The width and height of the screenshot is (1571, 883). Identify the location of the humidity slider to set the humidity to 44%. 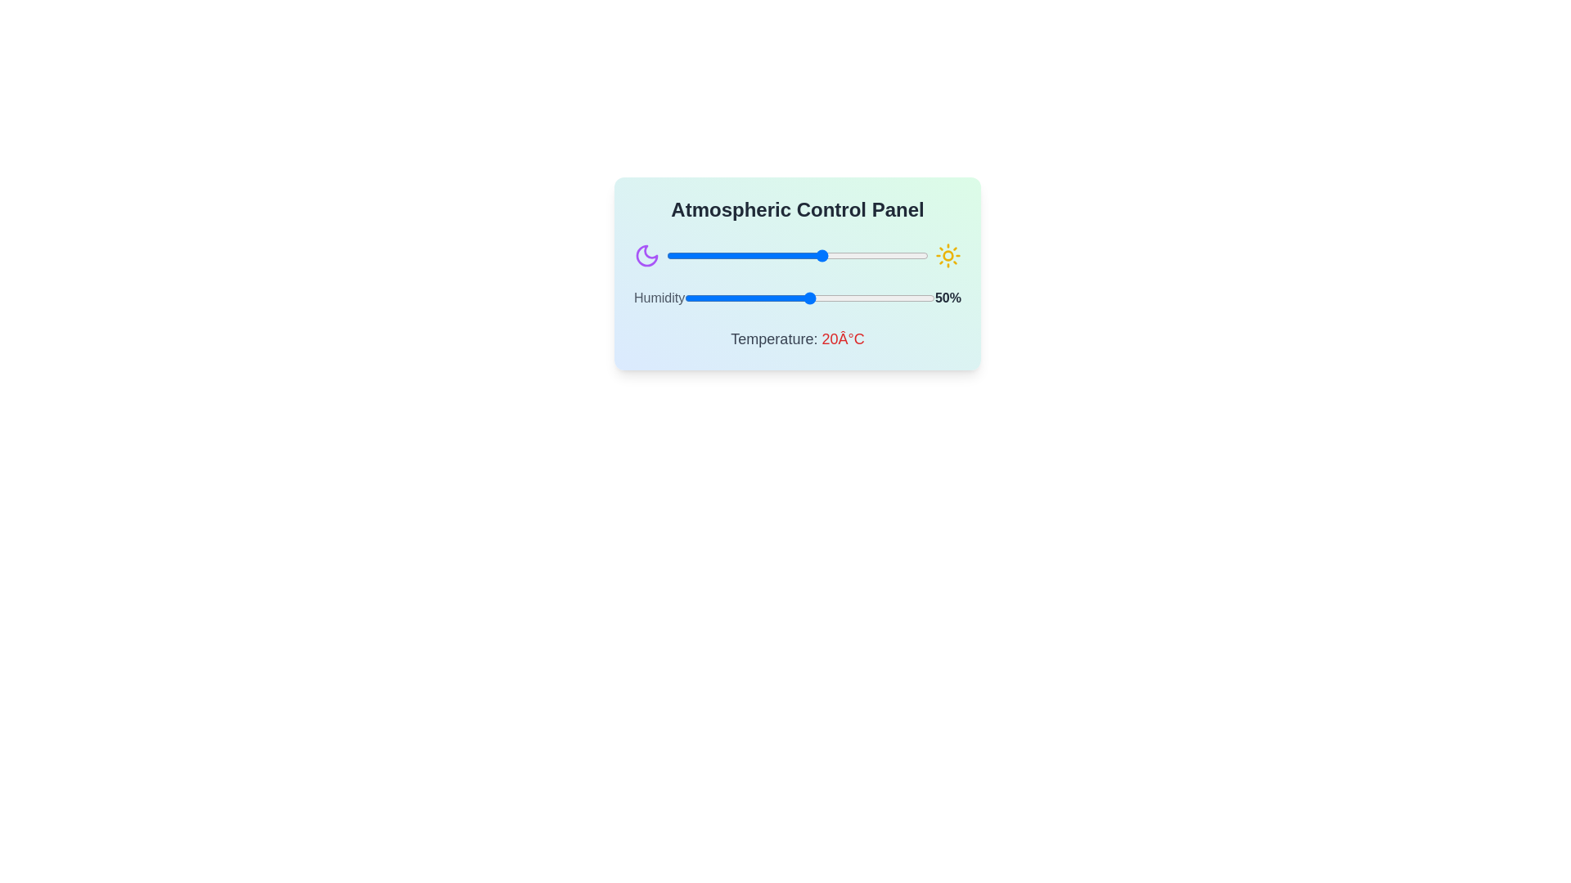
(795, 298).